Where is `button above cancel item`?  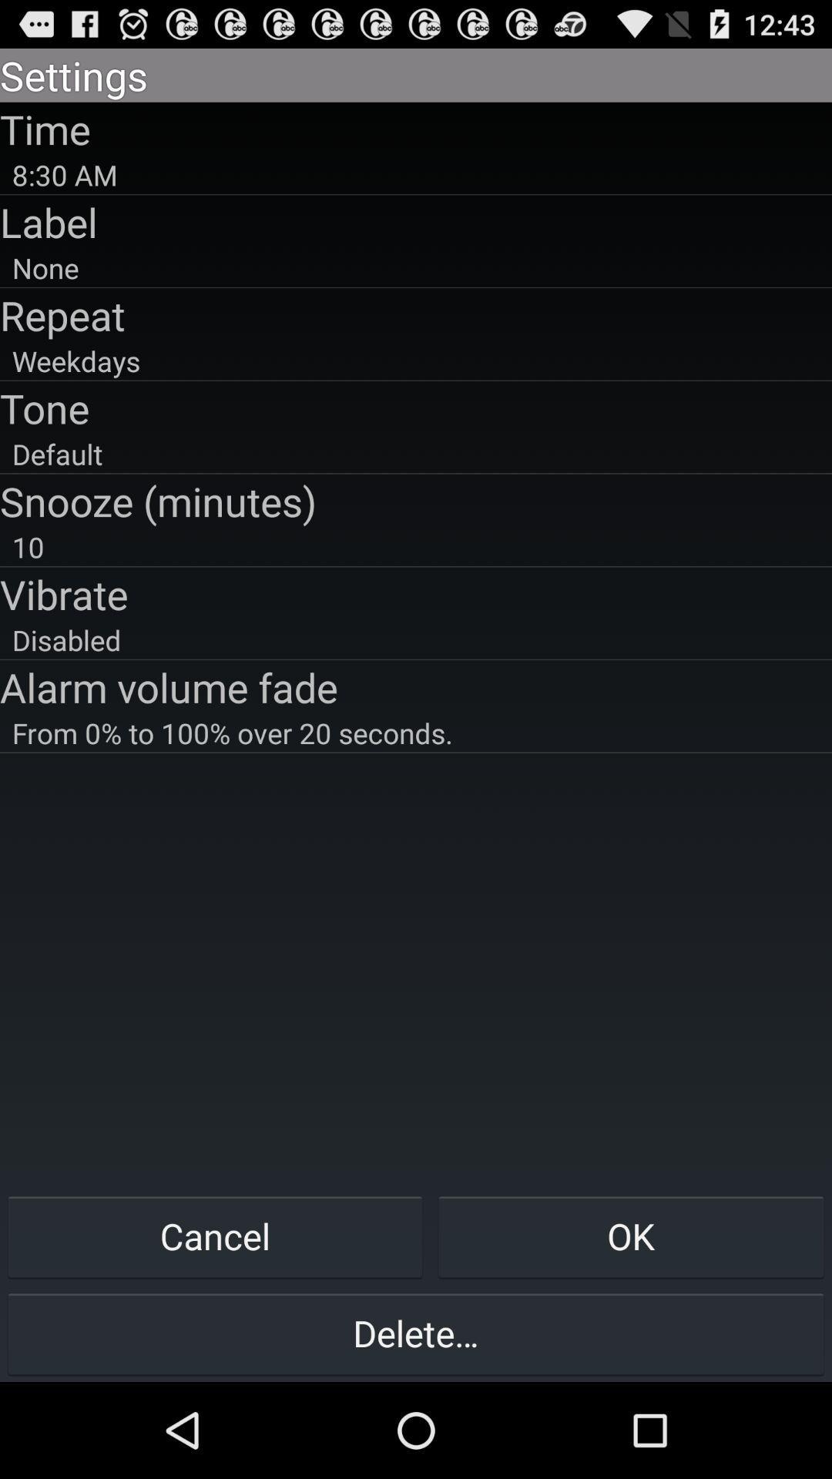 button above cancel item is located at coordinates (416, 732).